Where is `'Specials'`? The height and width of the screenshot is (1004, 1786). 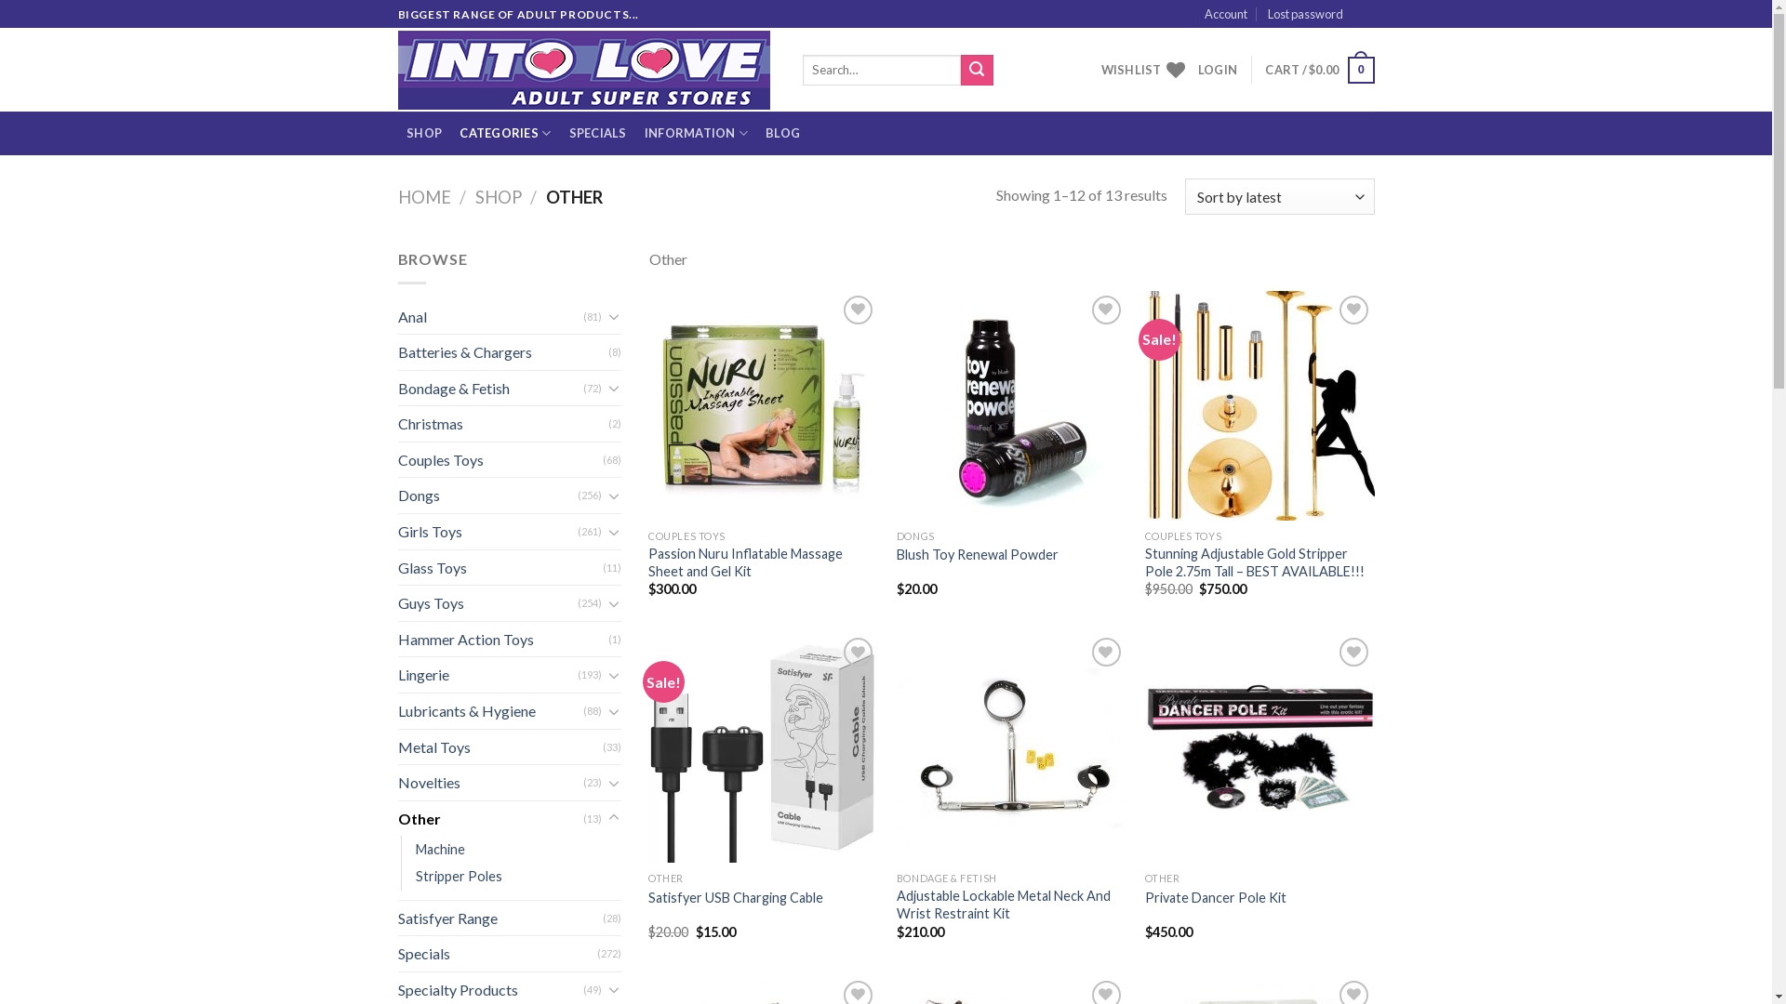 'Specials' is located at coordinates (396, 954).